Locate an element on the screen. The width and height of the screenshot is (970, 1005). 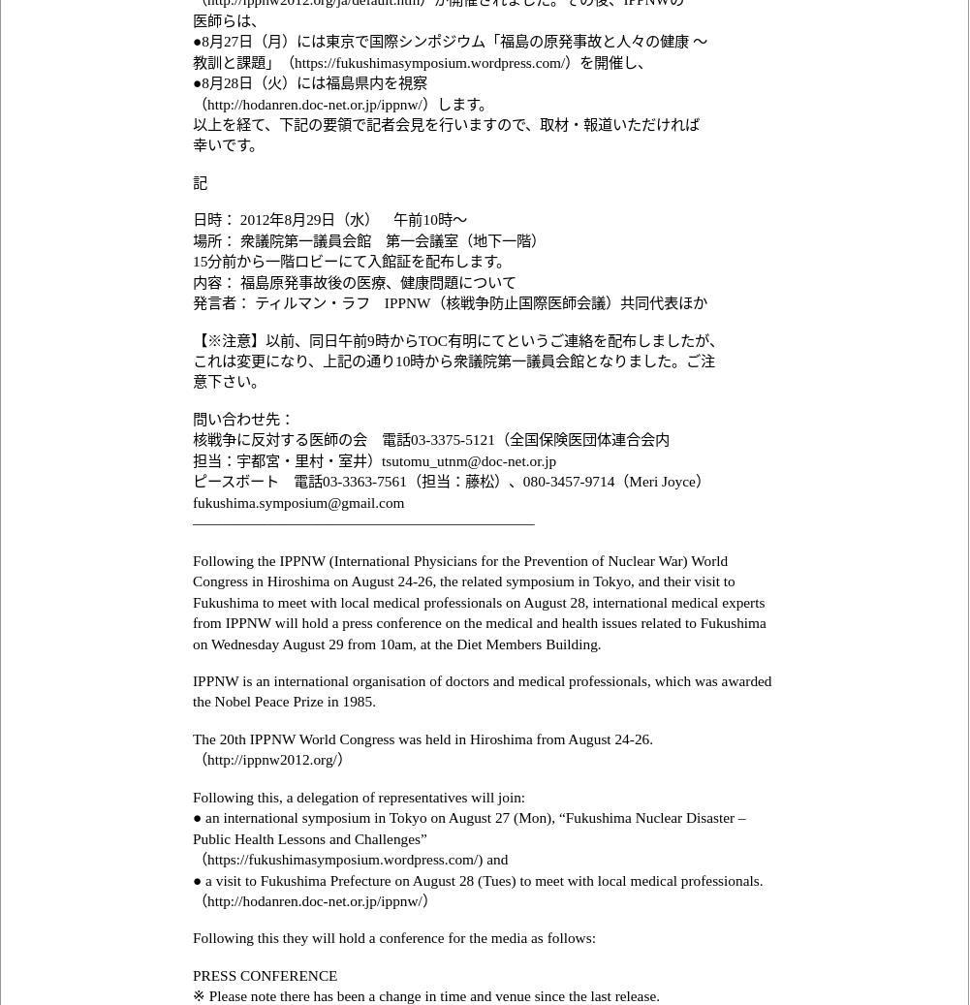
'● a visit to Fukushima Prefecture on August 28 (Tues) to meet with local medical professionals.' is located at coordinates (477, 879).